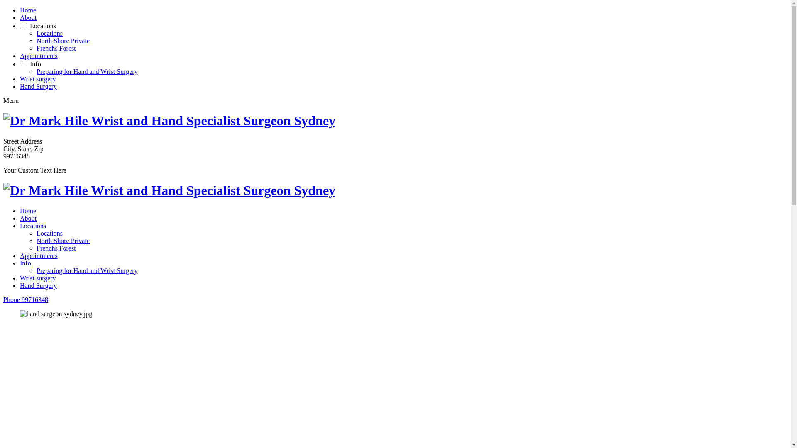  What do you see at coordinates (33, 226) in the screenshot?
I see `'Locations'` at bounding box center [33, 226].